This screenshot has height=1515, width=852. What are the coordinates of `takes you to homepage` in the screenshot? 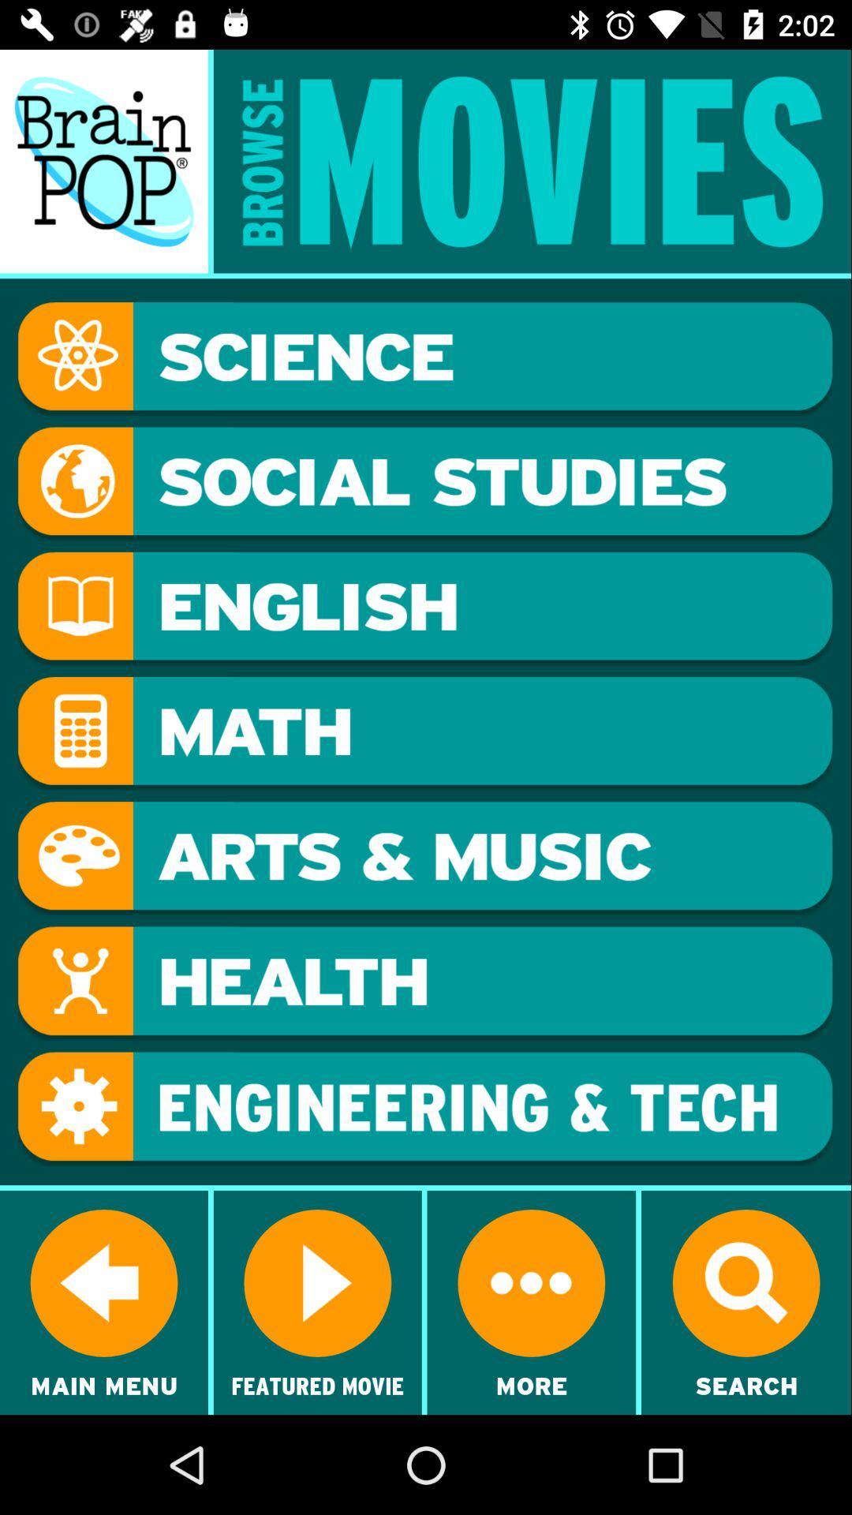 It's located at (103, 161).